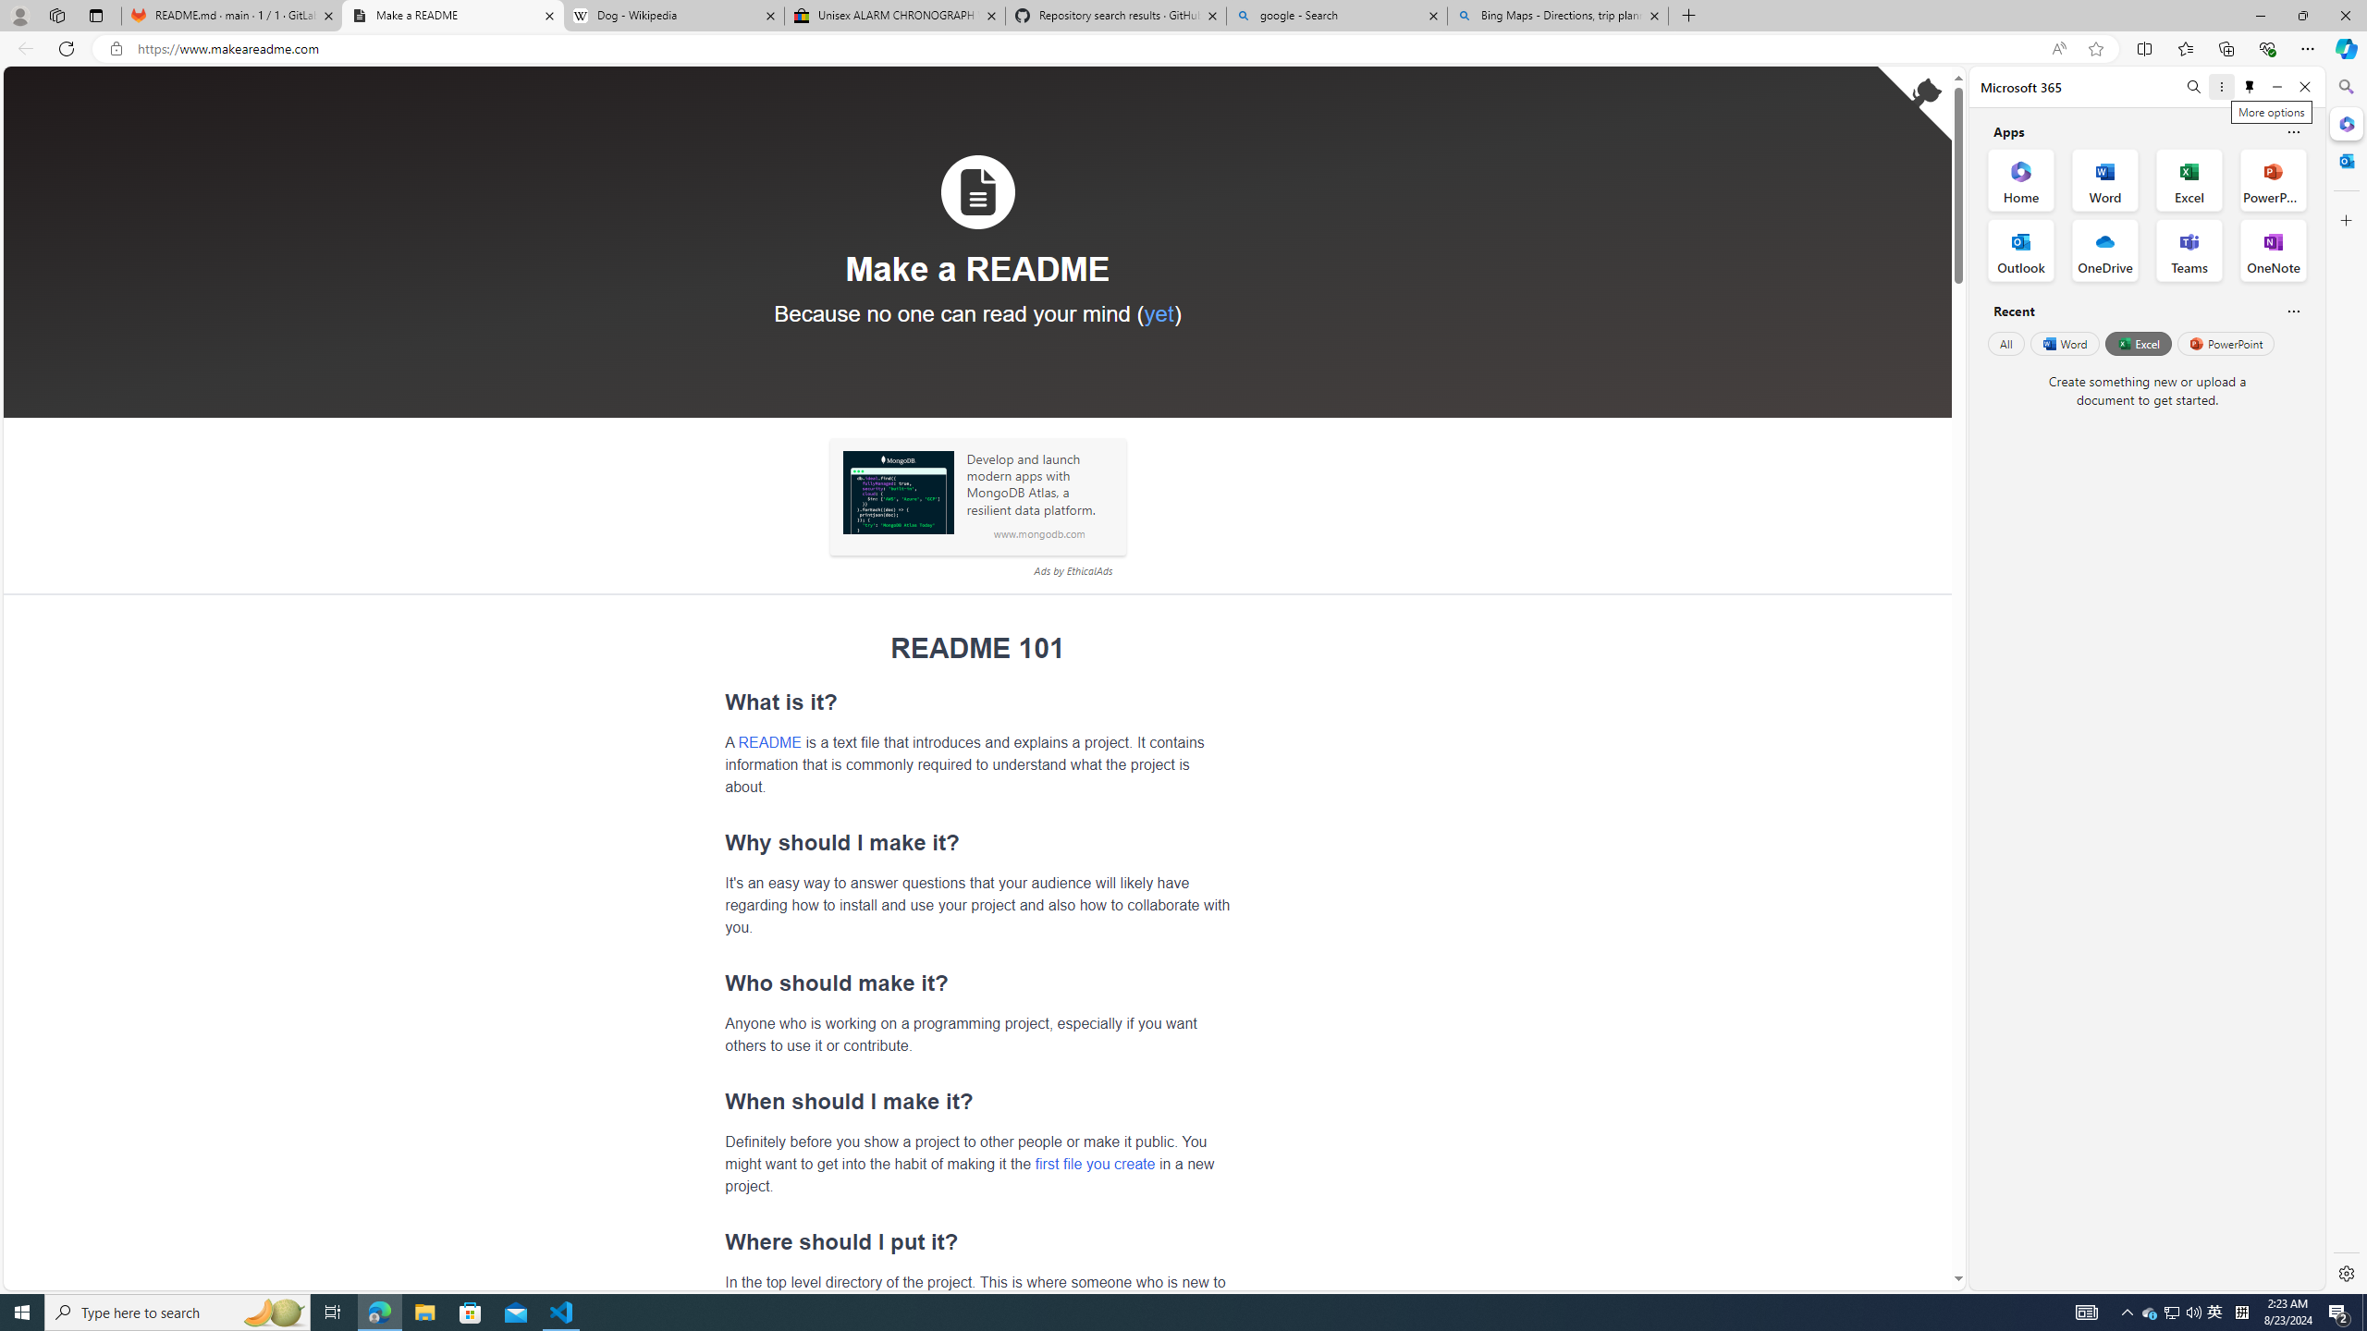 The image size is (2367, 1331). Describe the element at coordinates (2189, 250) in the screenshot. I see `'Teams Office App'` at that location.